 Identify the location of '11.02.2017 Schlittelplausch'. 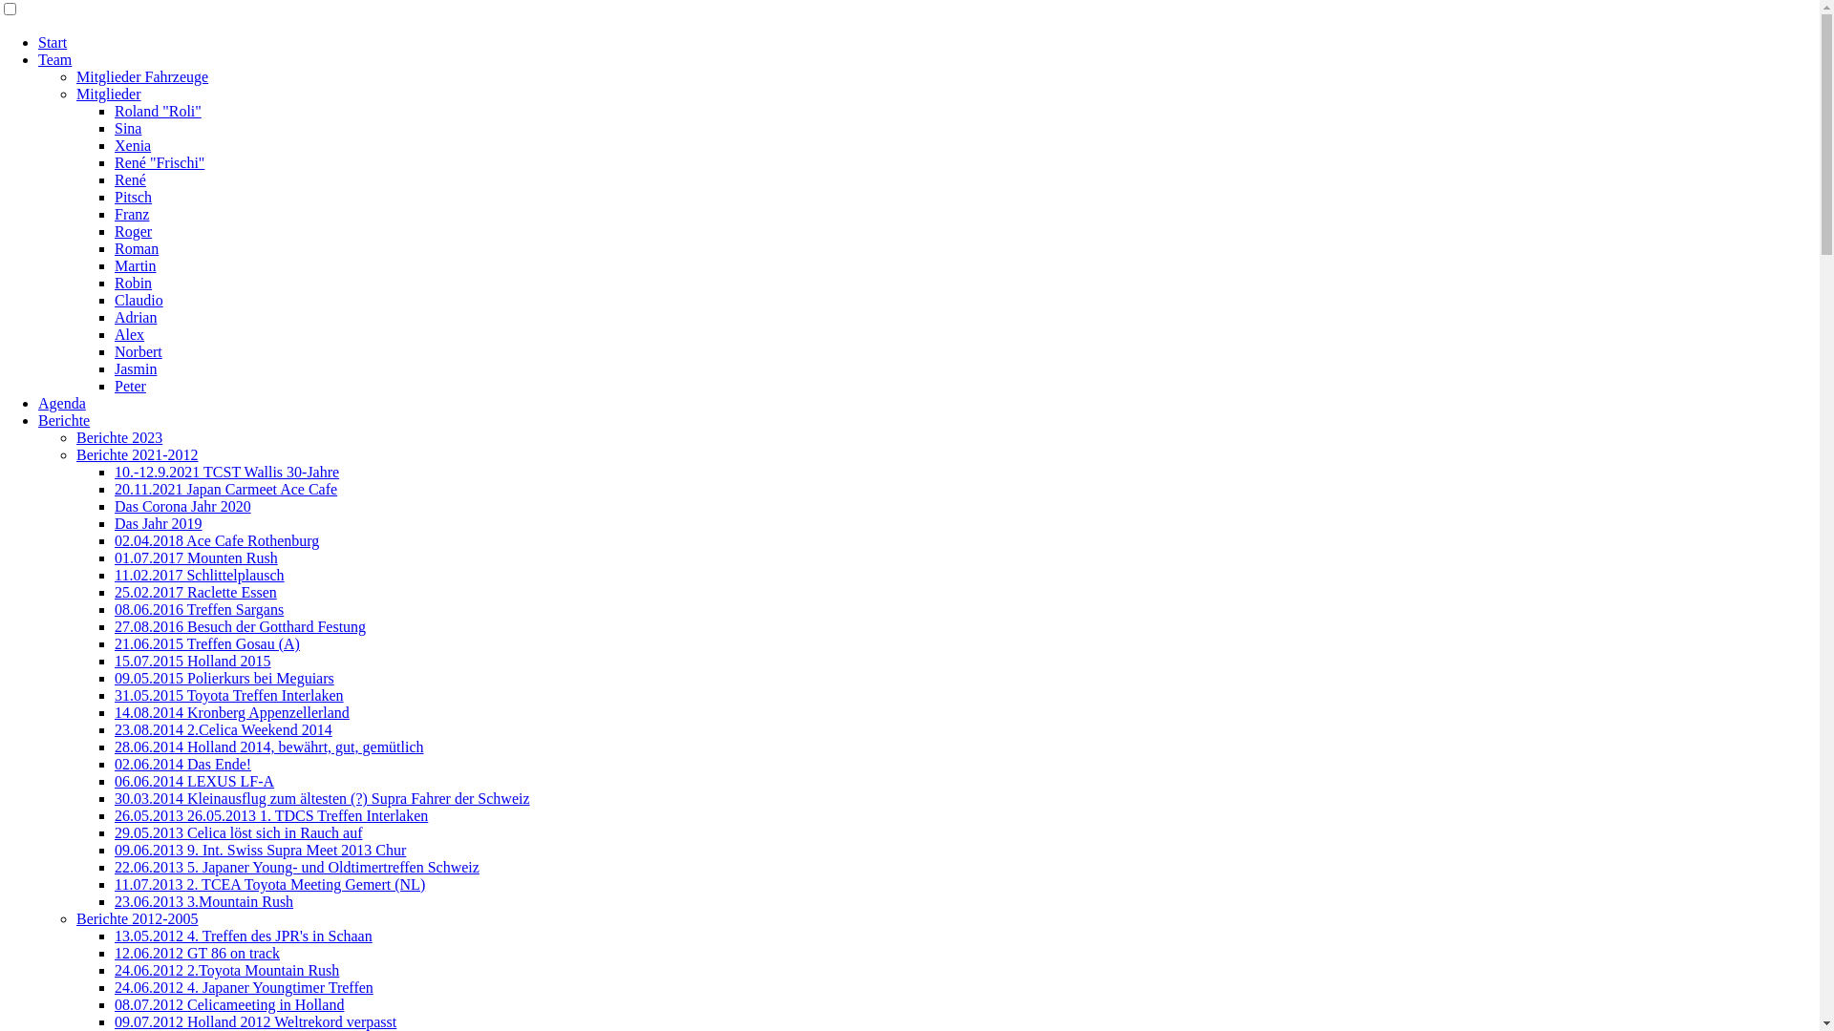
(200, 574).